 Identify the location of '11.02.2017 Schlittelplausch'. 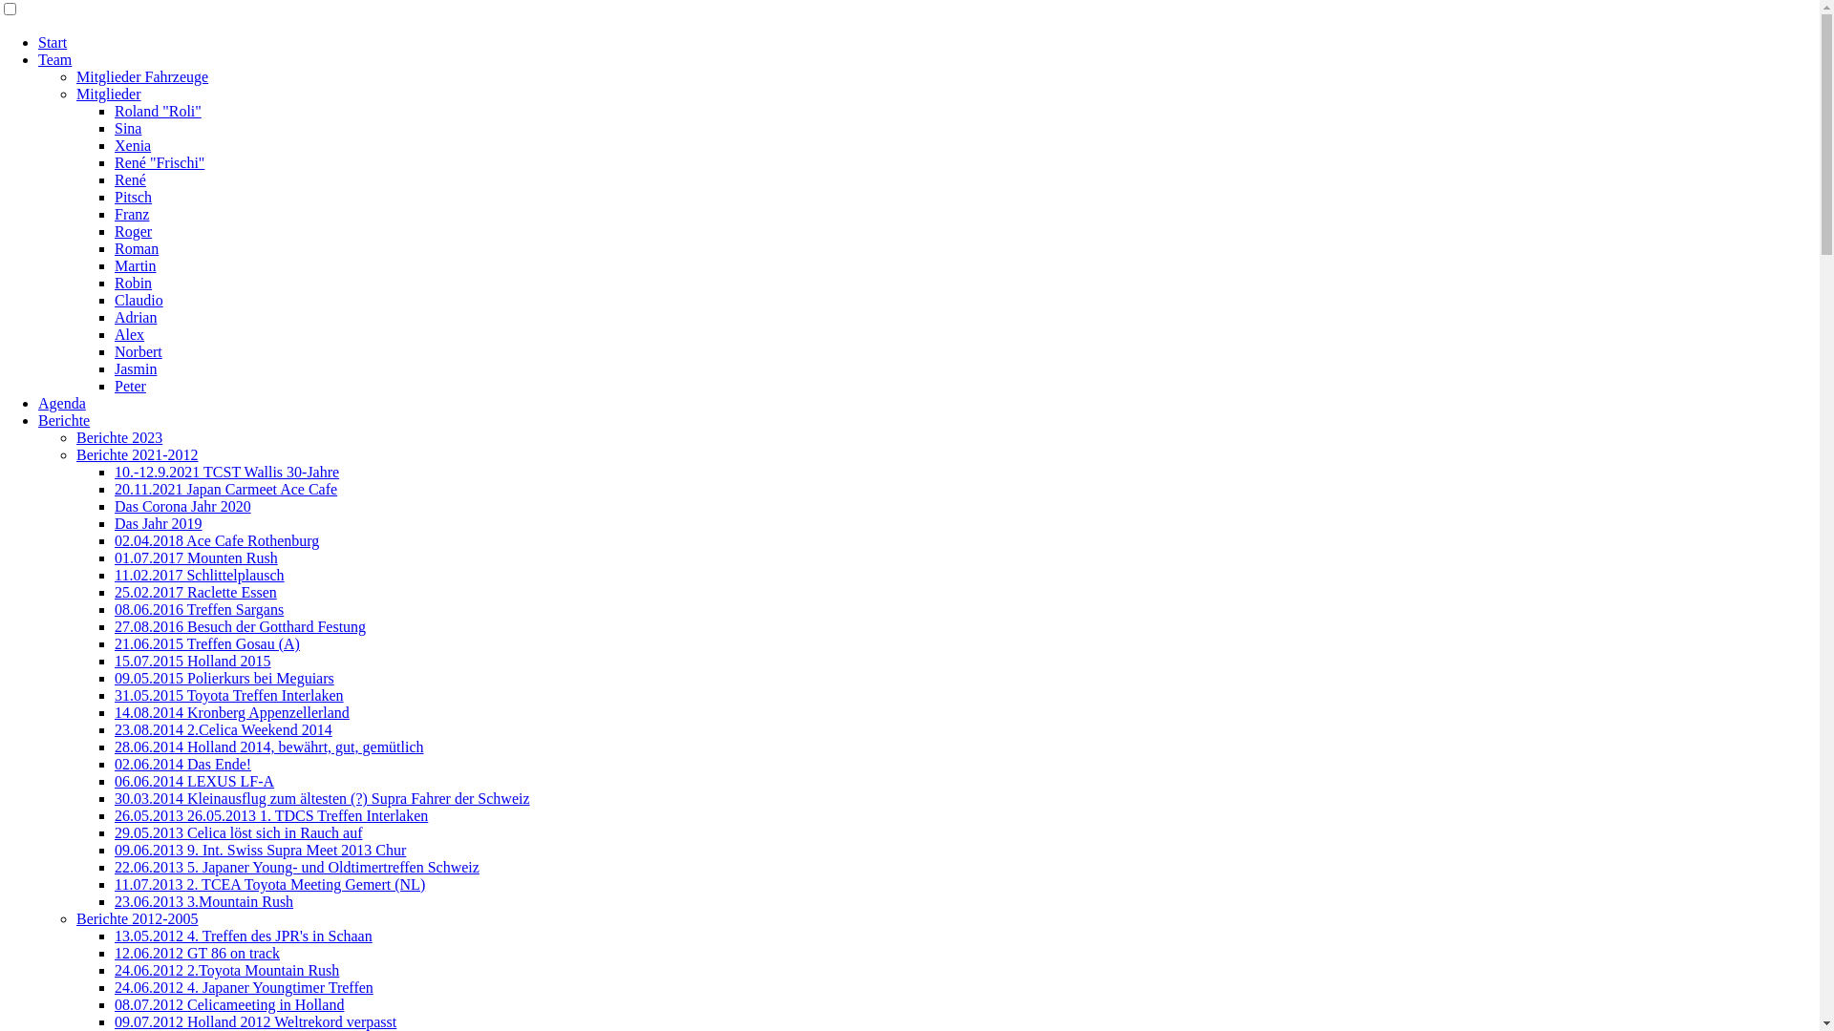
(200, 574).